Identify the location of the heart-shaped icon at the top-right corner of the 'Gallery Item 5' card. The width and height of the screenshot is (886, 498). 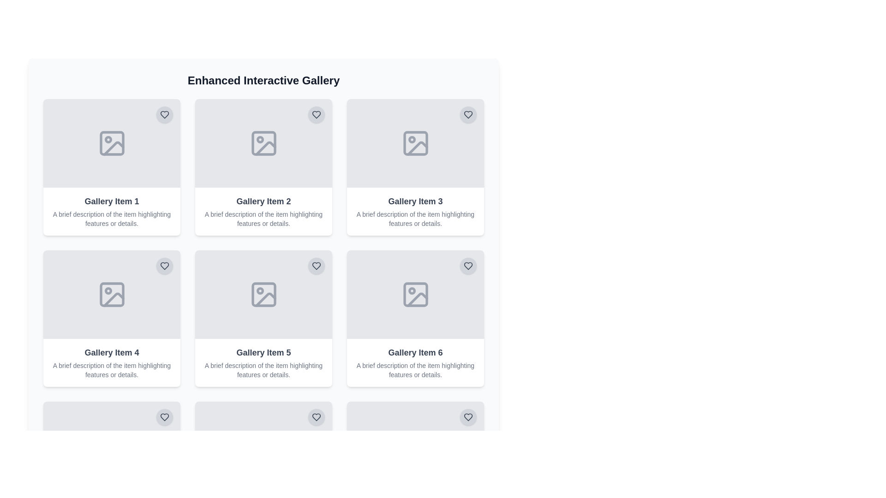
(164, 266).